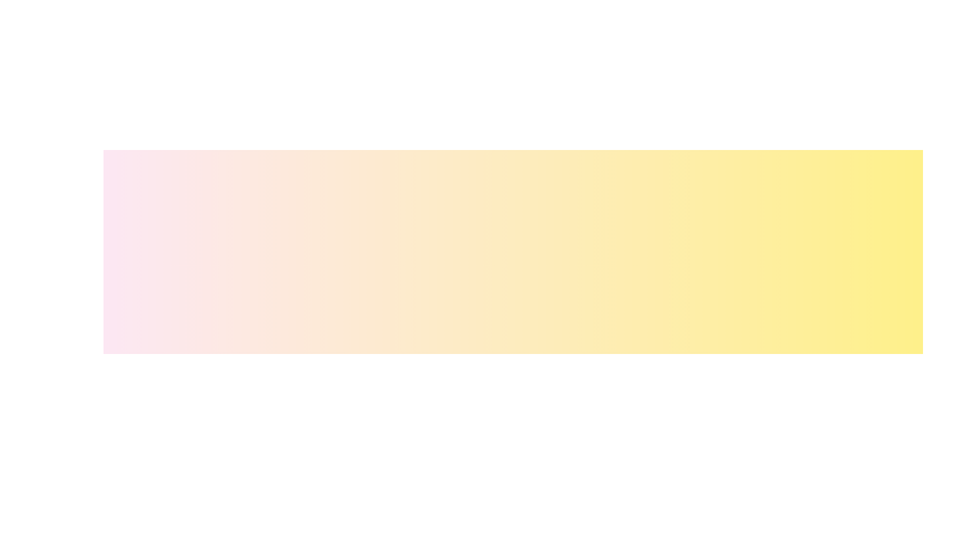 Image resolution: width=960 pixels, height=540 pixels. Describe the element at coordinates (511, 389) in the screenshot. I see `the Weekly tab to view its content` at that location.